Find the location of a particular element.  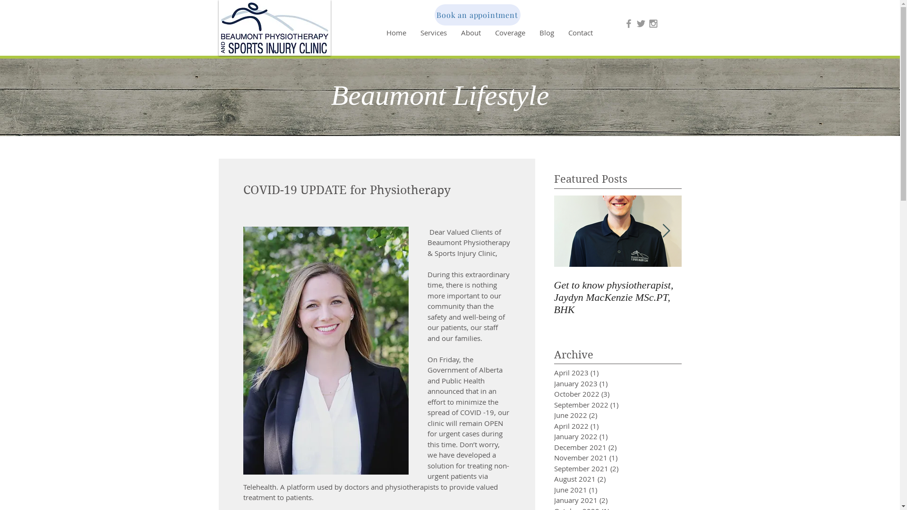

'Coverage' is located at coordinates (509, 32).